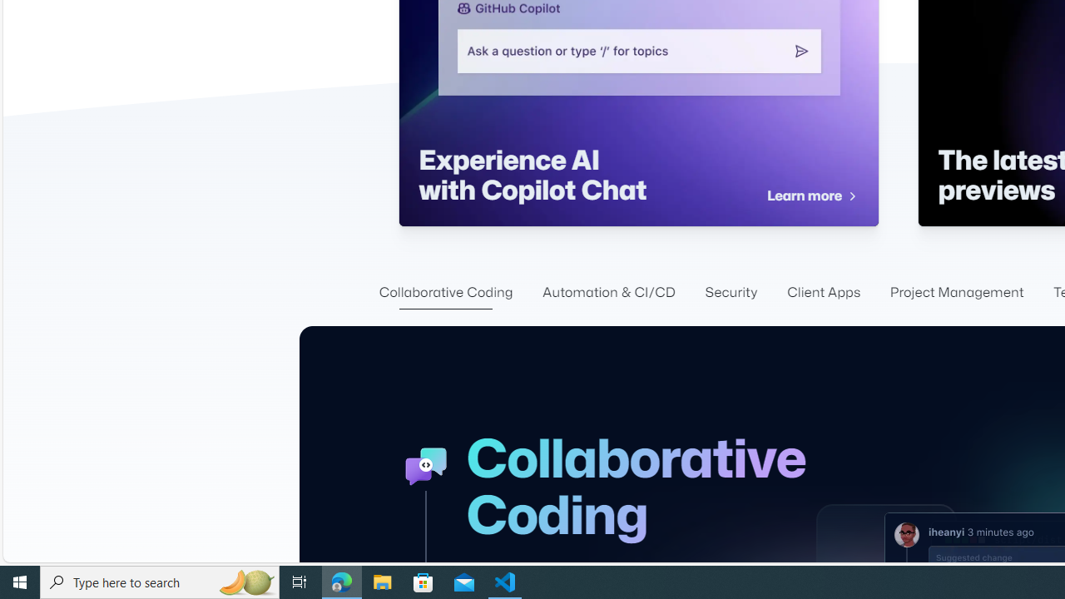 The width and height of the screenshot is (1065, 599). Describe the element at coordinates (608, 292) in the screenshot. I see `'Automation & CI/CD'` at that location.